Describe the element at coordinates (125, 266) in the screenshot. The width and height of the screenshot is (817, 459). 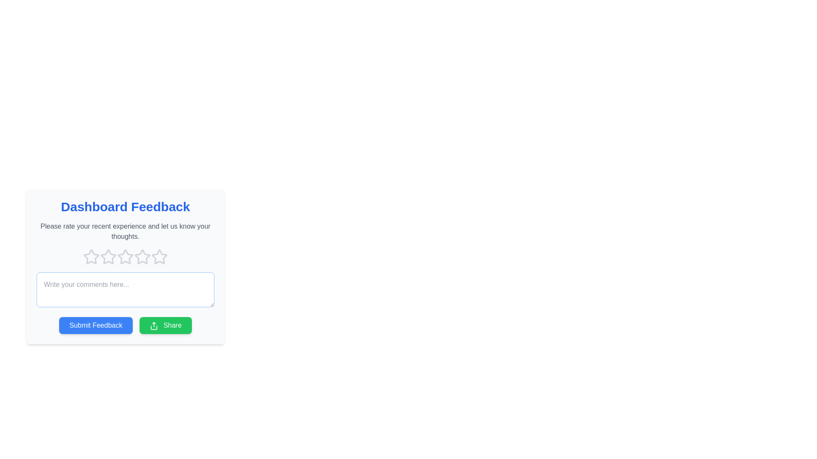
I see `the multi-choice rating component with star symbols located` at that location.